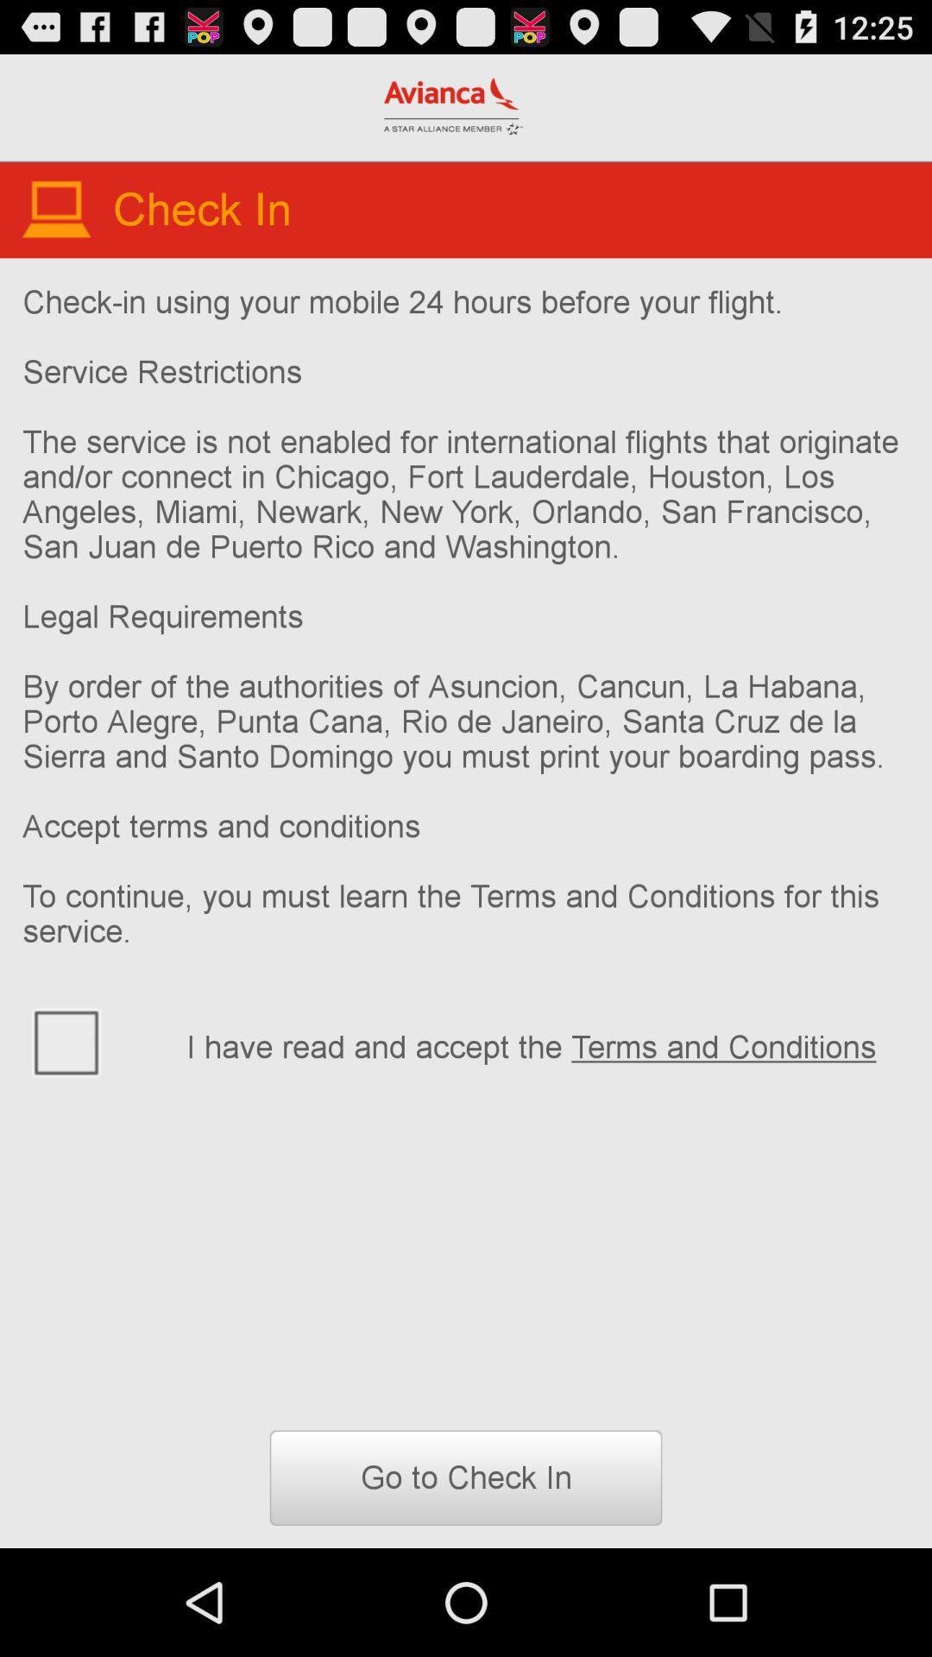 The width and height of the screenshot is (932, 1657). Describe the element at coordinates (93, 1040) in the screenshot. I see `to choose terms and condintion` at that location.